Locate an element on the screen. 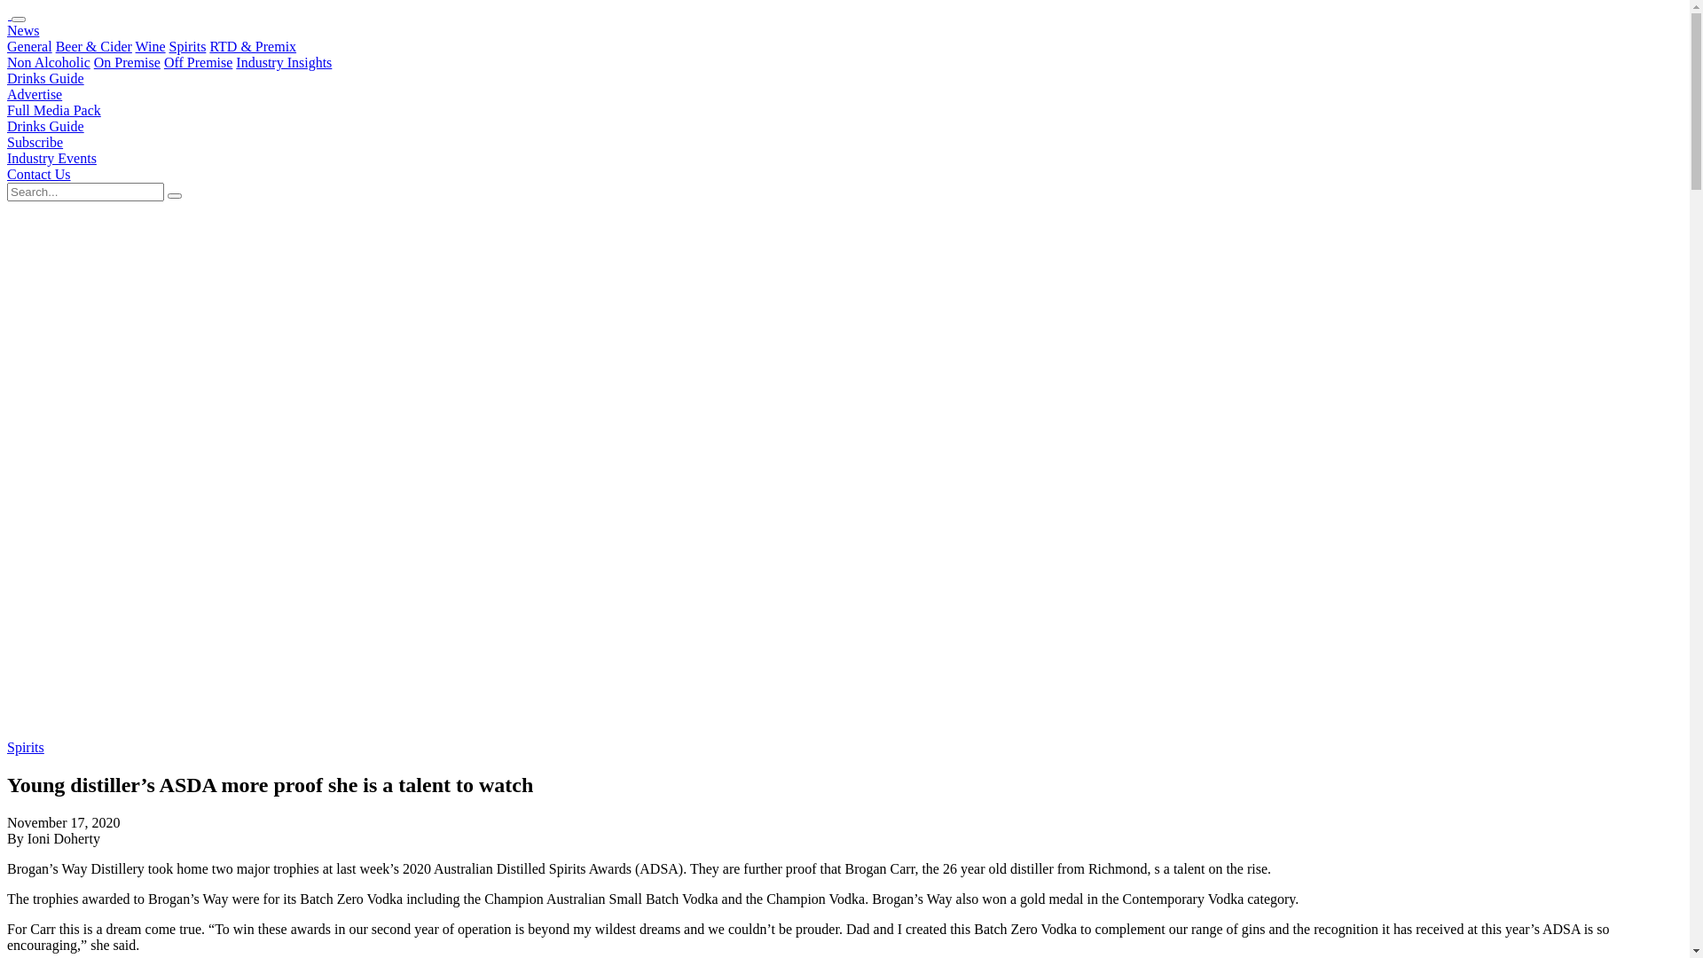 The height and width of the screenshot is (958, 1703). 'Beer & Cider' is located at coordinates (92, 45).